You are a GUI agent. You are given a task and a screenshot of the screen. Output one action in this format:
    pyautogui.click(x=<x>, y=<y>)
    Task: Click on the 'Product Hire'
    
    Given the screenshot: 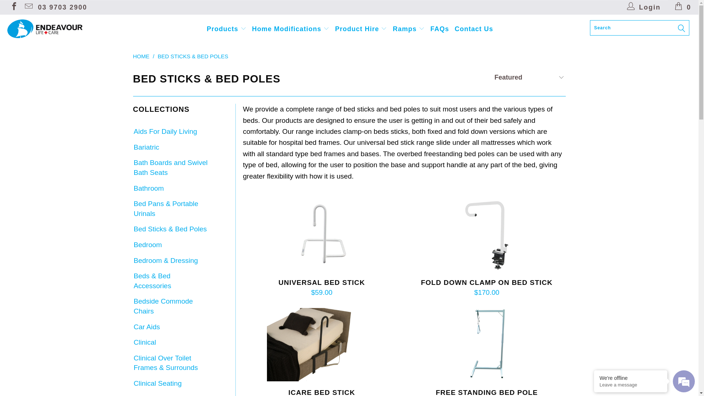 What is the action you would take?
    pyautogui.click(x=361, y=28)
    